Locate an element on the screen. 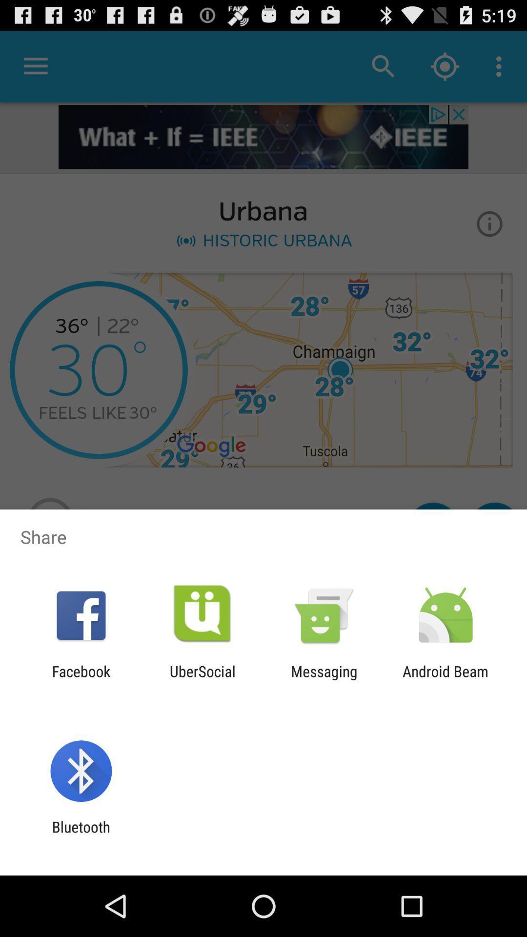 Image resolution: width=527 pixels, height=937 pixels. ubersocial app is located at coordinates (202, 679).